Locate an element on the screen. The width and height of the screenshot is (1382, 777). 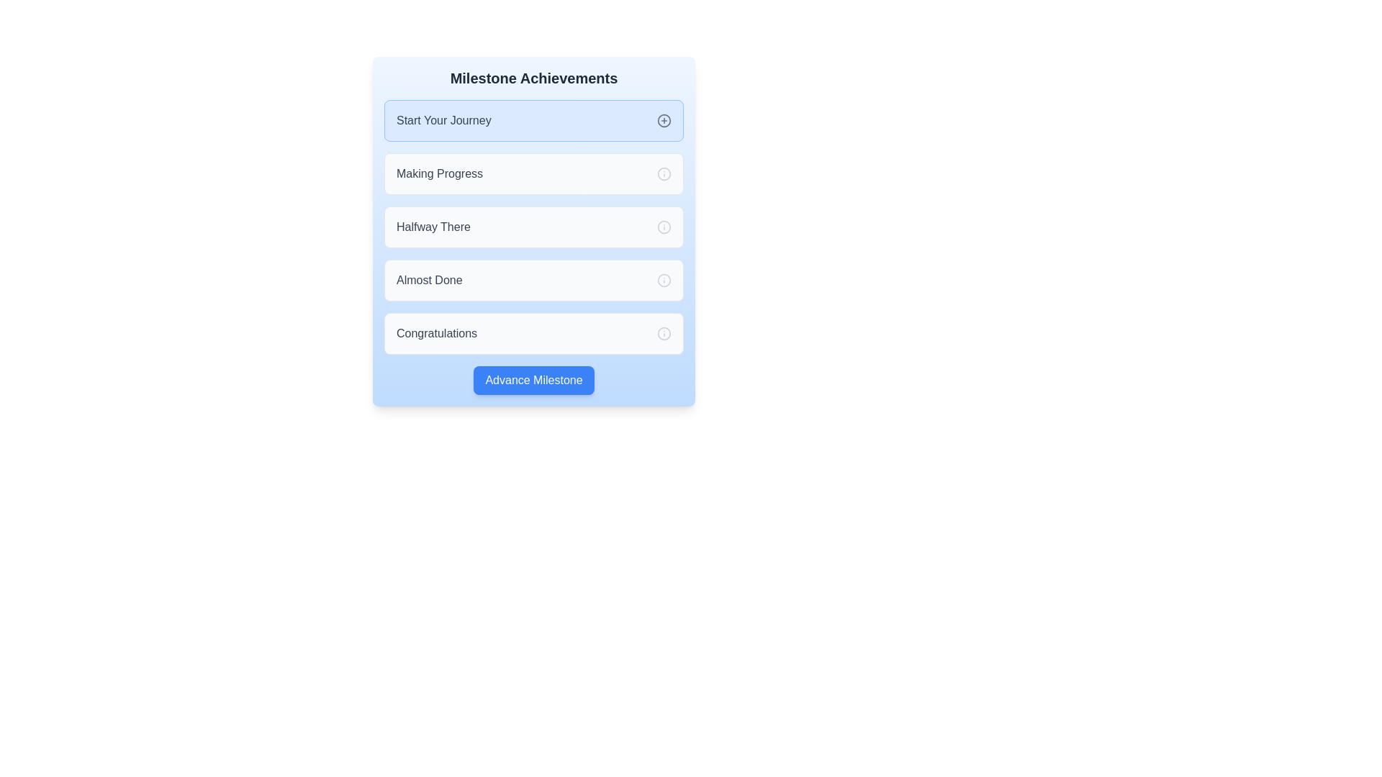
the text element containing the word 'Congratulations' styled with medium font weight and gray color, located in the last card under 'Milestone Achievements', above the 'Advance Milestone' button is located at coordinates (436, 333).